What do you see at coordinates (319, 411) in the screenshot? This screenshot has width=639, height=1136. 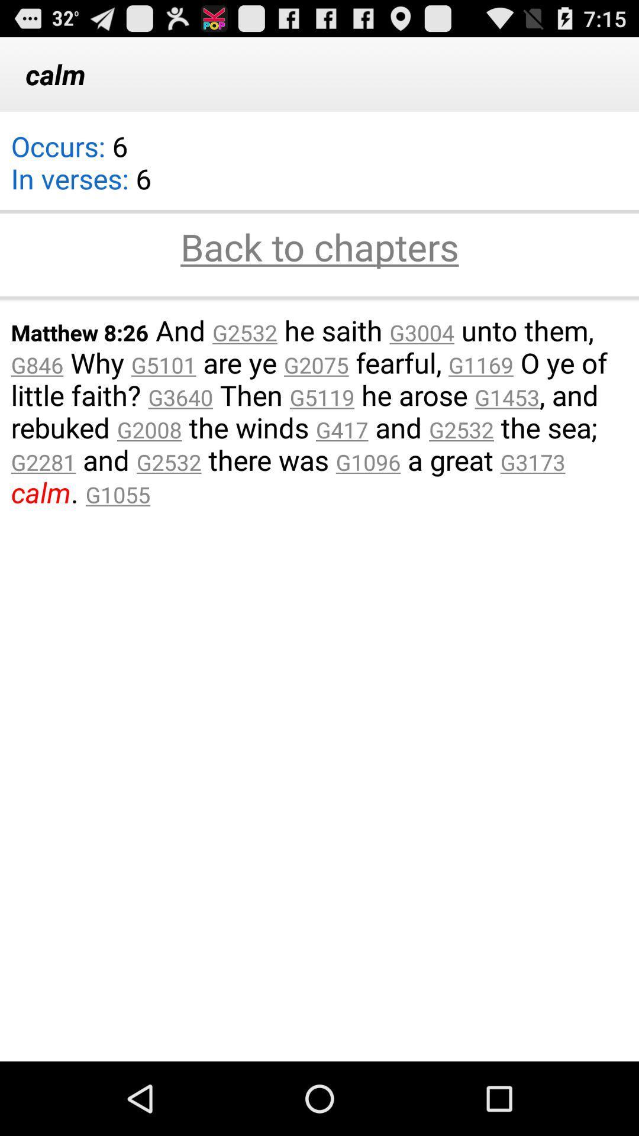 I see `matthew 8 26 icon` at bounding box center [319, 411].